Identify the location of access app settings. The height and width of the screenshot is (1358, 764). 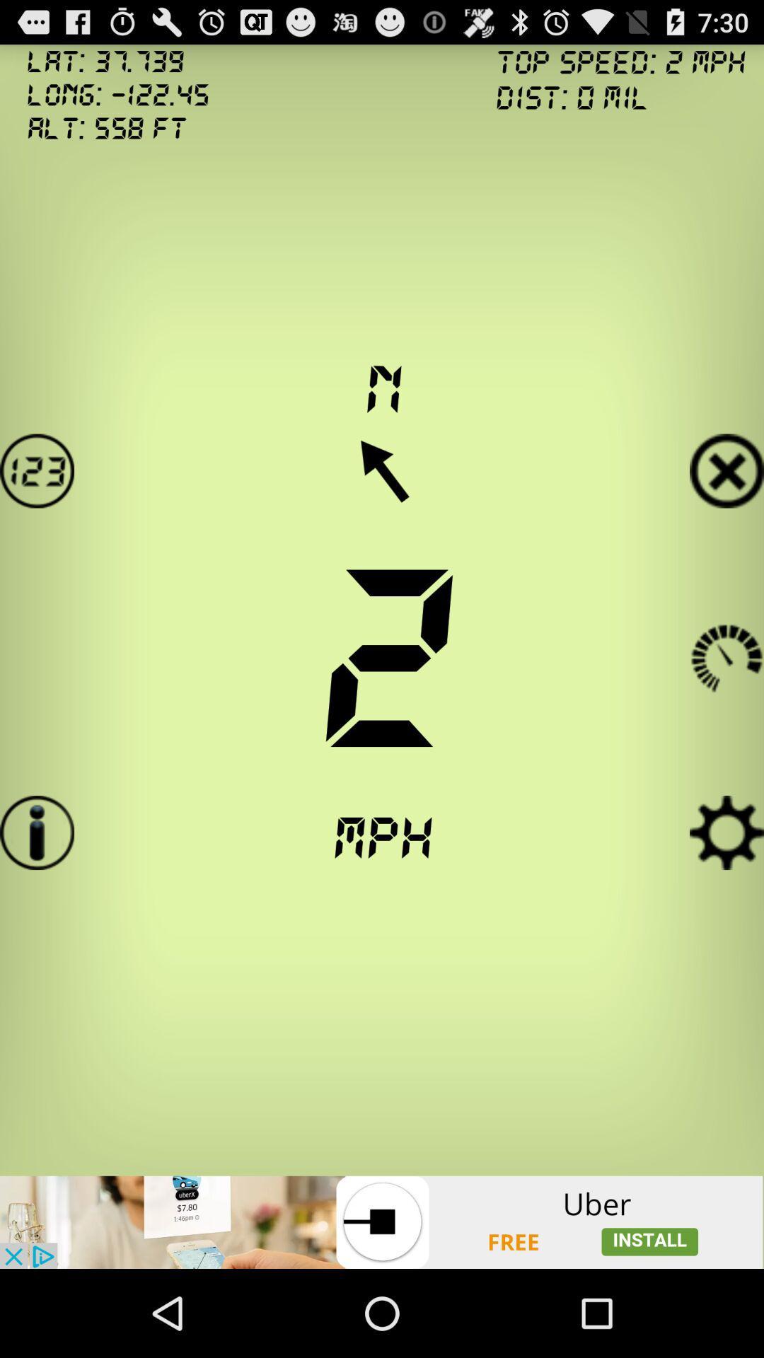
(727, 832).